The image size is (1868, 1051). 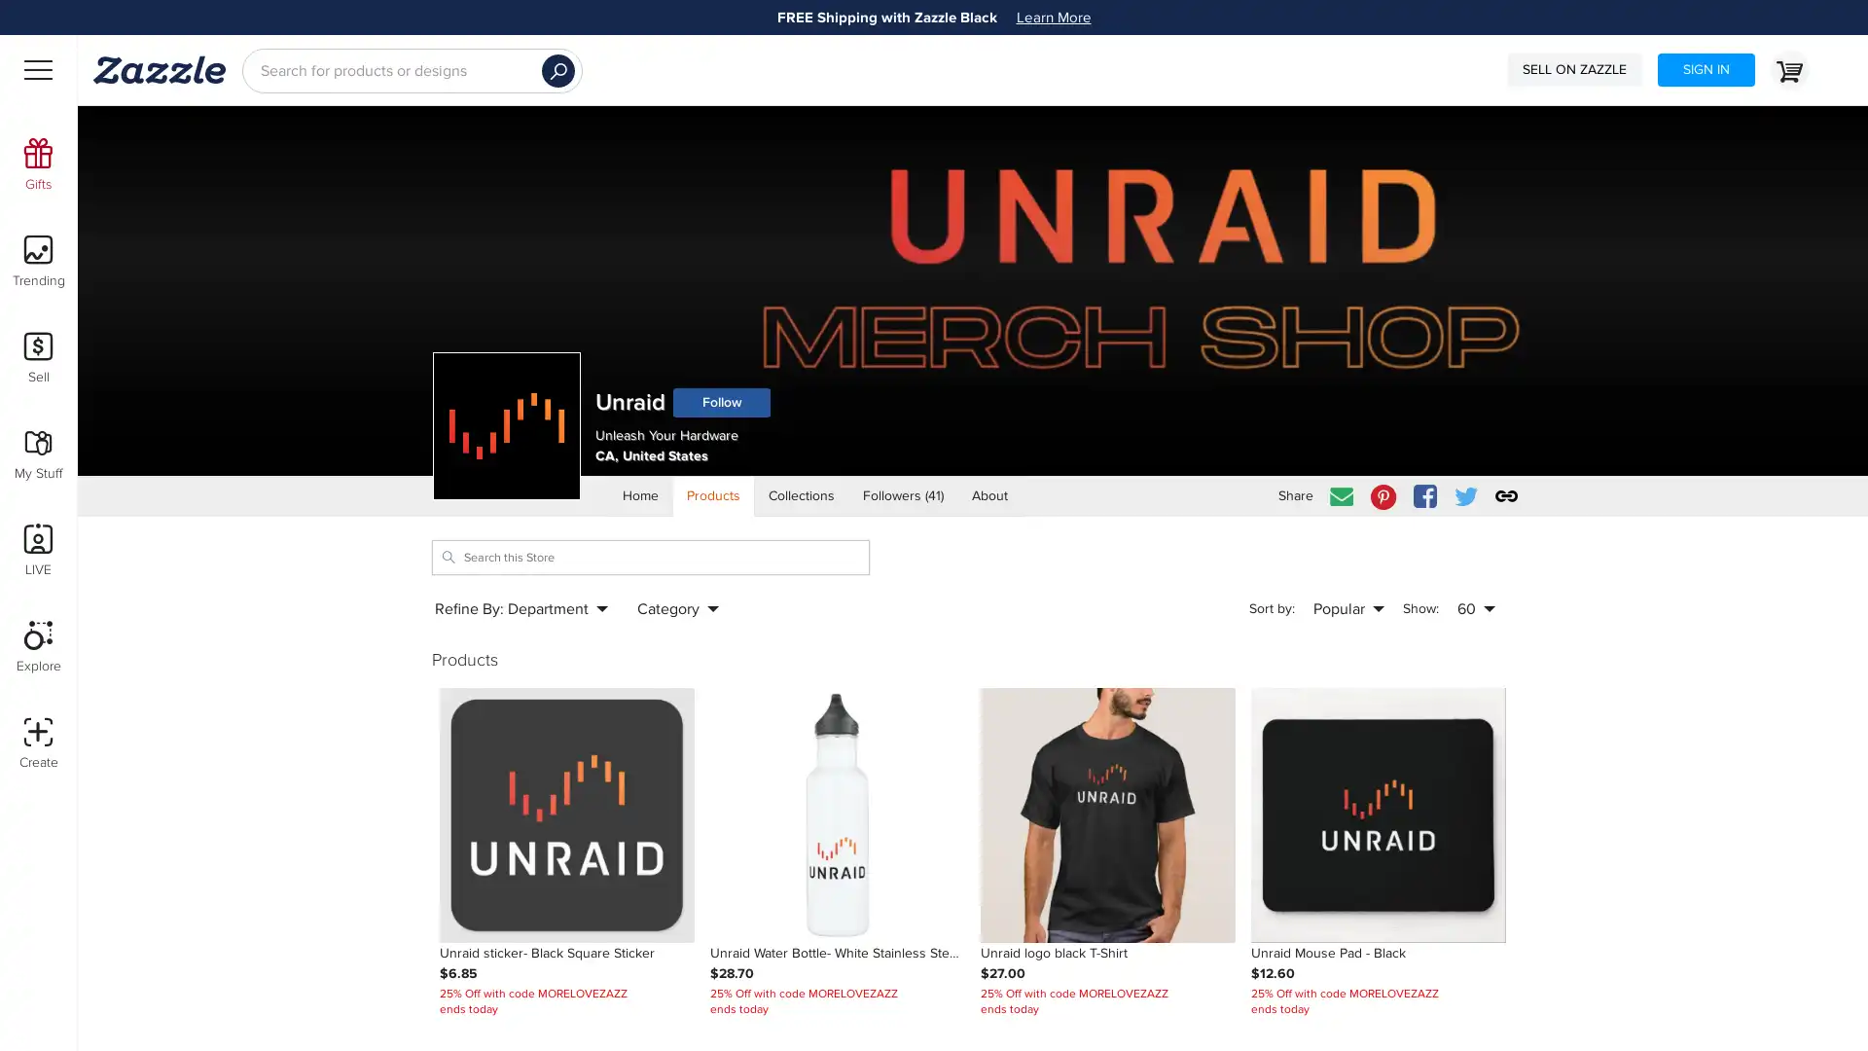 I want to click on SIGN IN, so click(x=1705, y=69).